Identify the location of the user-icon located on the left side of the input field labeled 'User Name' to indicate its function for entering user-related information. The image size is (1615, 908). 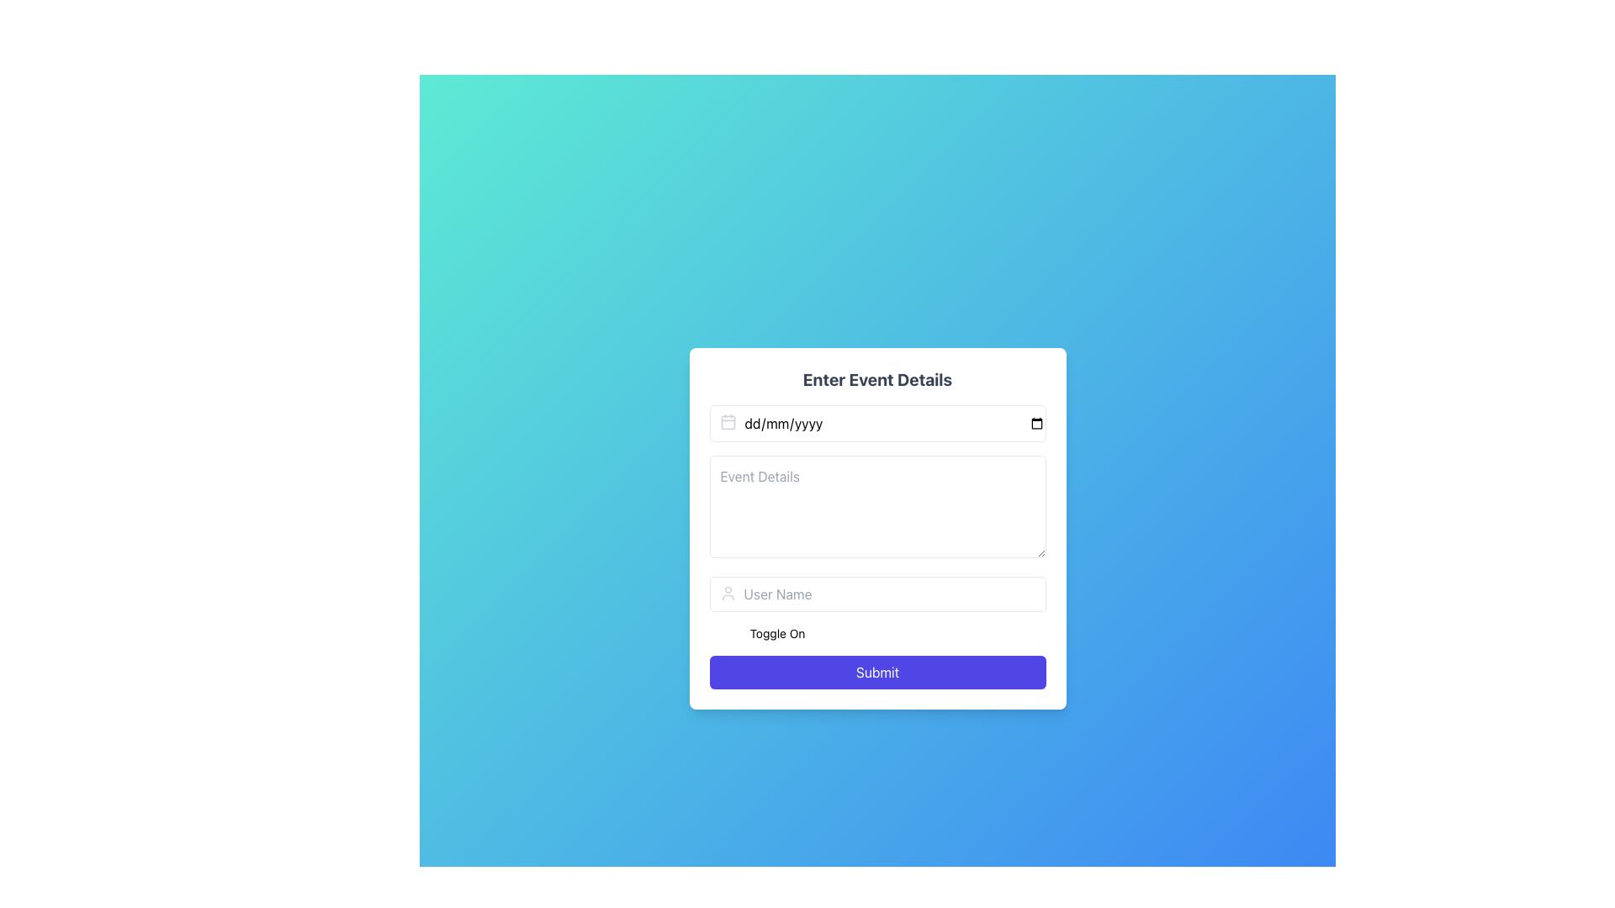
(728, 592).